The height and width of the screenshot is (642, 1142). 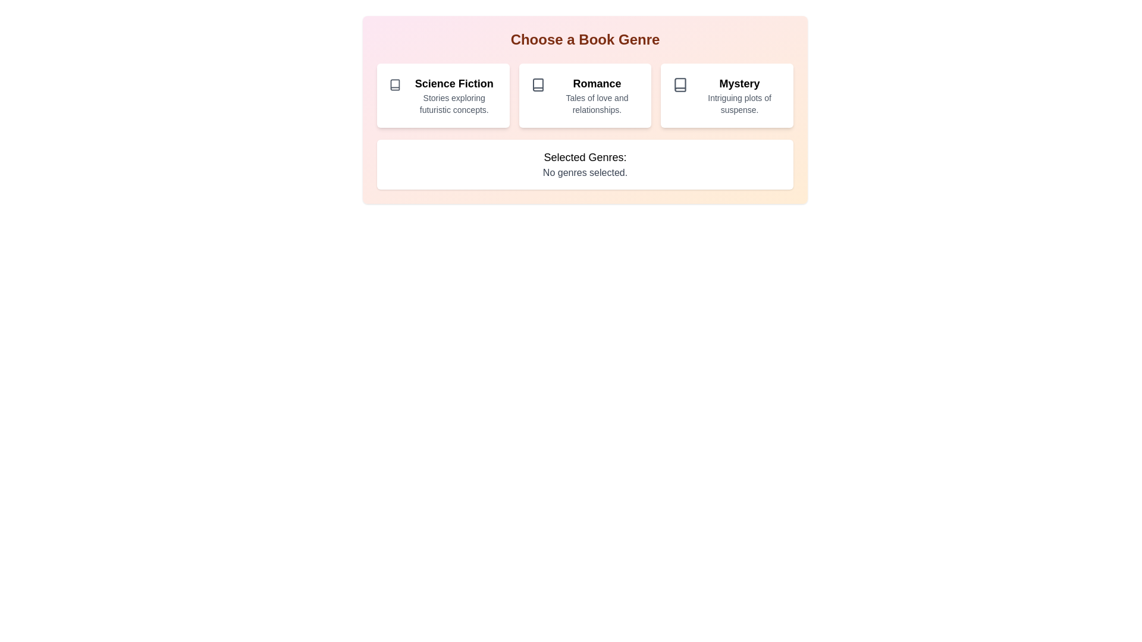 I want to click on the 'Mystery' genre icon, which visually represents the category and is located in the third box of the genre options, so click(x=680, y=84).